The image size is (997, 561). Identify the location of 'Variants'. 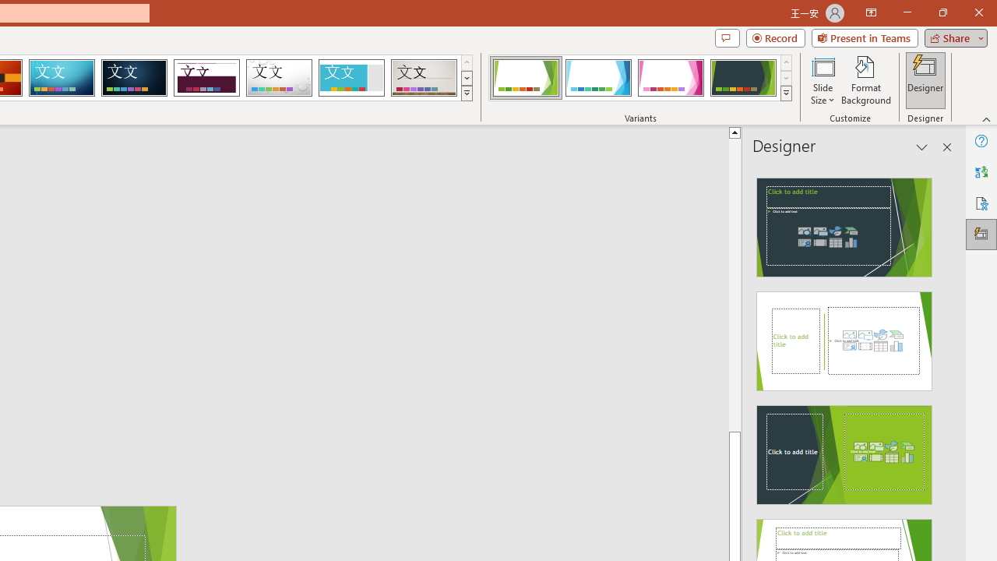
(786, 93).